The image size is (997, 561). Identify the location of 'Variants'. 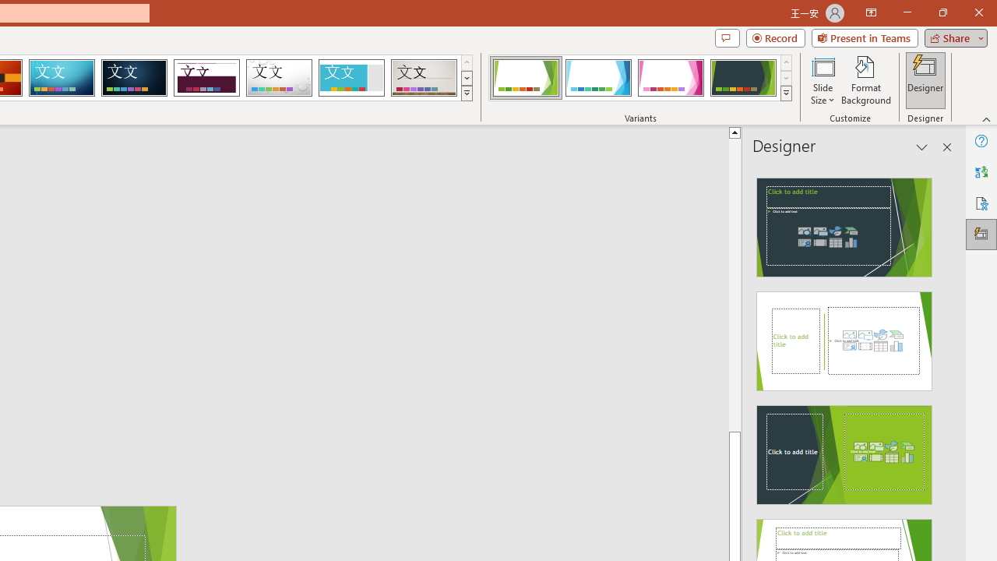
(786, 93).